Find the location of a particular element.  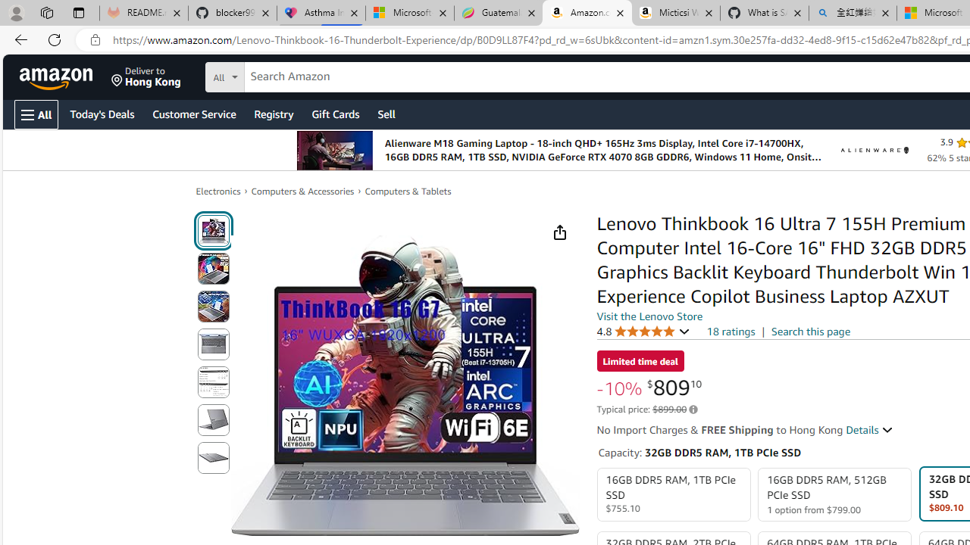

'Amazon' is located at coordinates (58, 76).